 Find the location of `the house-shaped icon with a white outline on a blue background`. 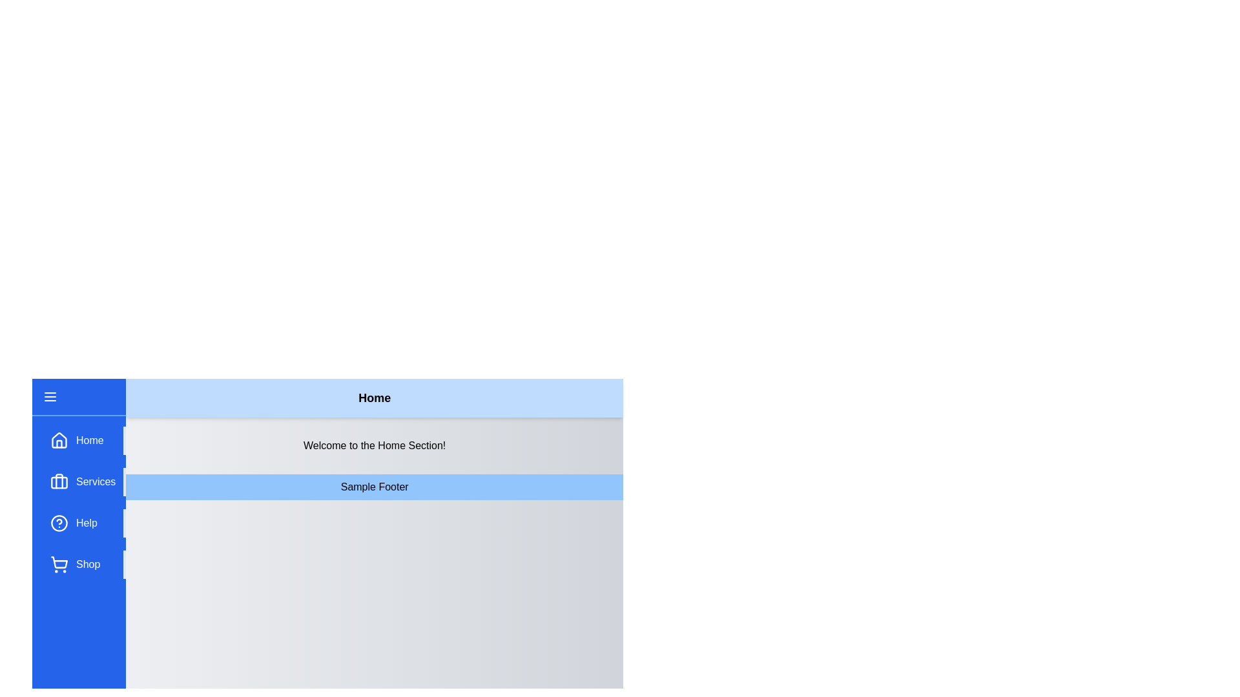

the house-shaped icon with a white outline on a blue background is located at coordinates (58, 439).